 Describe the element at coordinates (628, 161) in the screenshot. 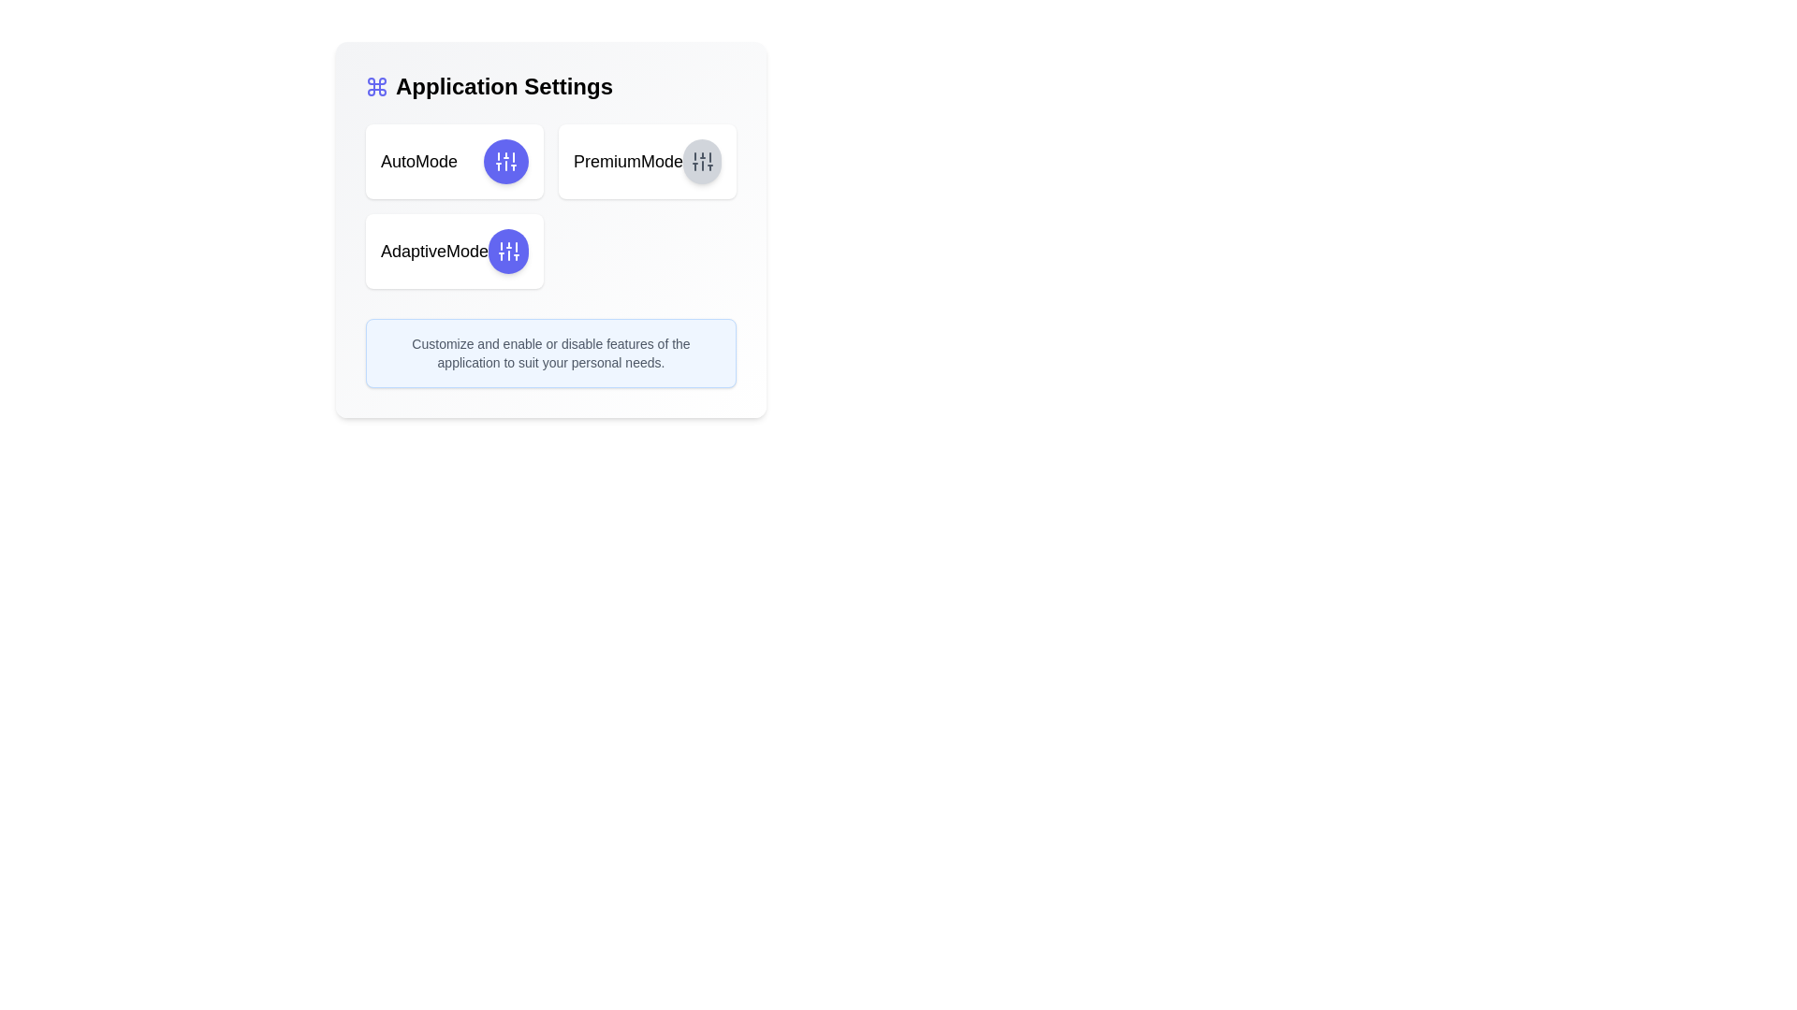

I see `the 'PremiumMode' text label located in the second card of the settings section, which is styled with a bold font and is positioned to the left of the sliders icon` at that location.